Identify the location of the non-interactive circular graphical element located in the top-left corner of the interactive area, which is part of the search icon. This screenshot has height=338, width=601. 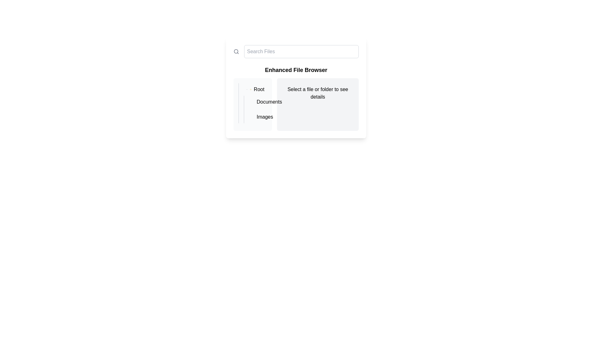
(236, 51).